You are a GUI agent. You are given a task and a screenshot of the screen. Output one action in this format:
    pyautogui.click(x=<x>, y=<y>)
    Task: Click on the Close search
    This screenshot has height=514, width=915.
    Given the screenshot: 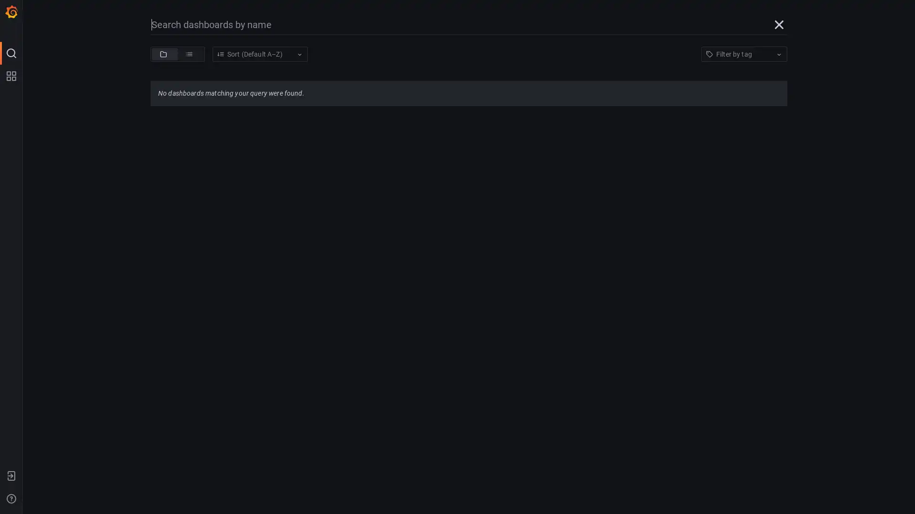 What is the action you would take?
    pyautogui.click(x=779, y=24)
    